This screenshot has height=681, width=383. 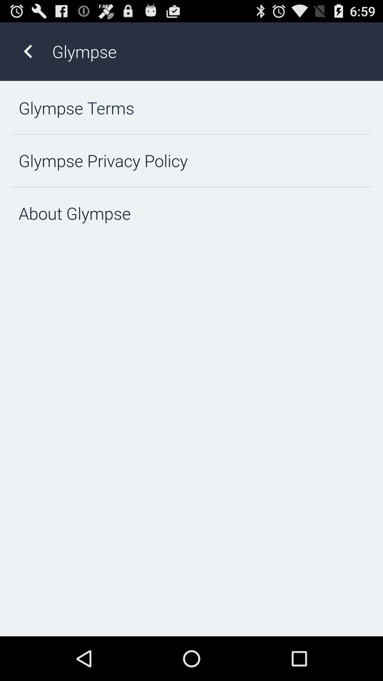 I want to click on the arrow_backward icon, so click(x=27, y=55).